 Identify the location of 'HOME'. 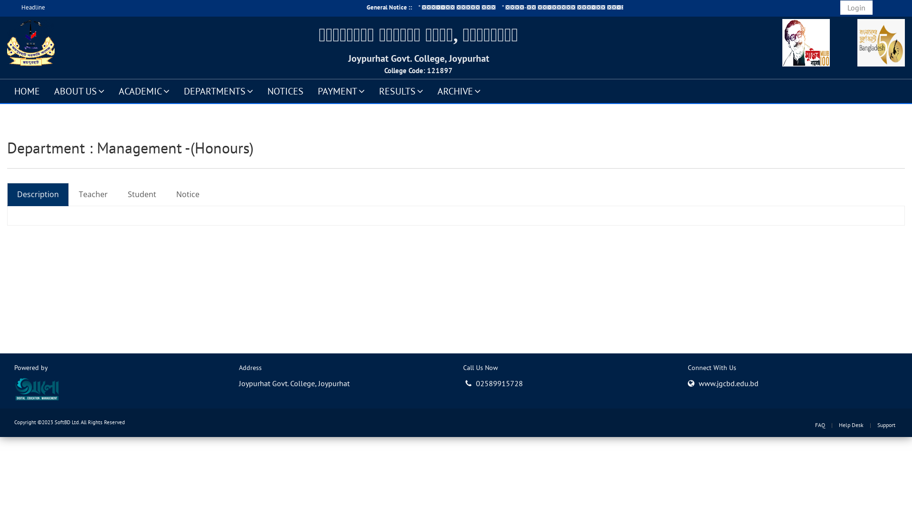
(27, 91).